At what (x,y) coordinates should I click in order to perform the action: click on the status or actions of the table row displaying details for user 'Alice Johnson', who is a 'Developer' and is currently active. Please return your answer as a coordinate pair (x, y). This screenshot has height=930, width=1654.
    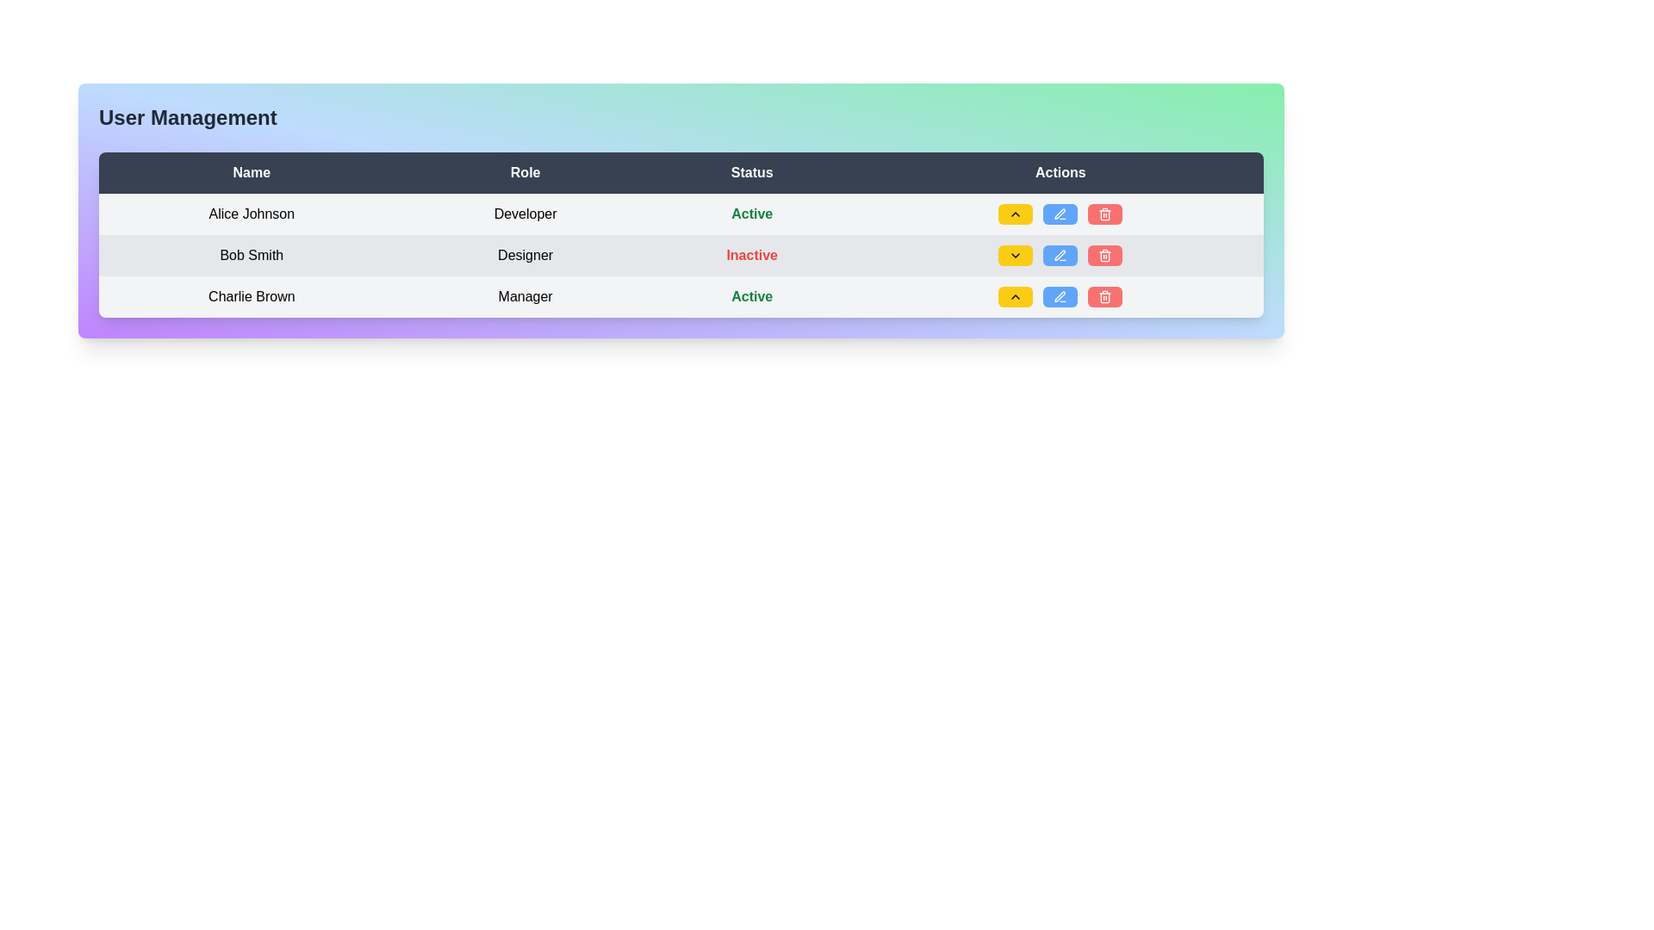
    Looking at the image, I should click on (681, 214).